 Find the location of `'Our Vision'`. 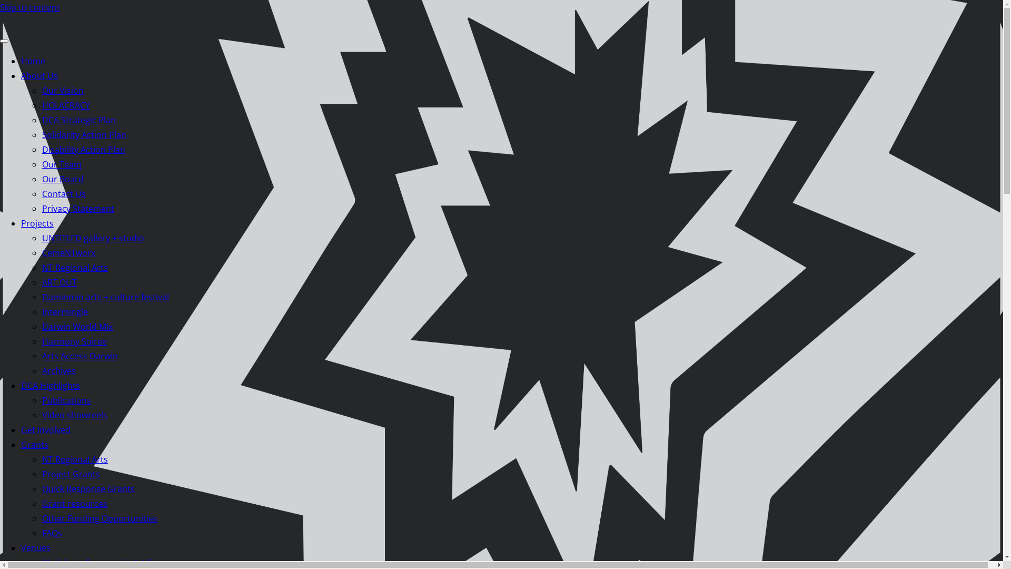

'Our Vision' is located at coordinates (62, 90).